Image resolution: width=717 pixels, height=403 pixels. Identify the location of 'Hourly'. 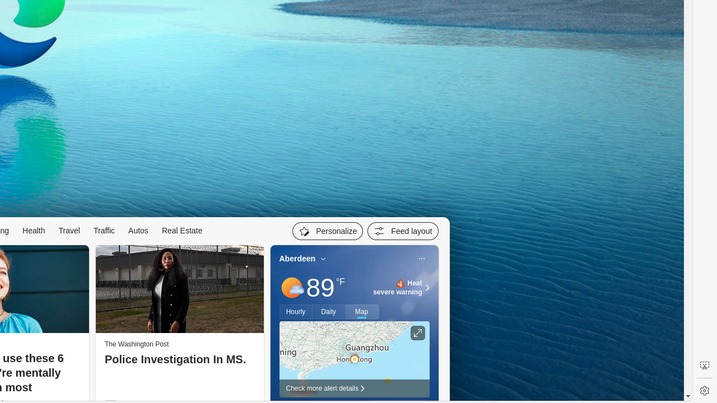
(296, 311).